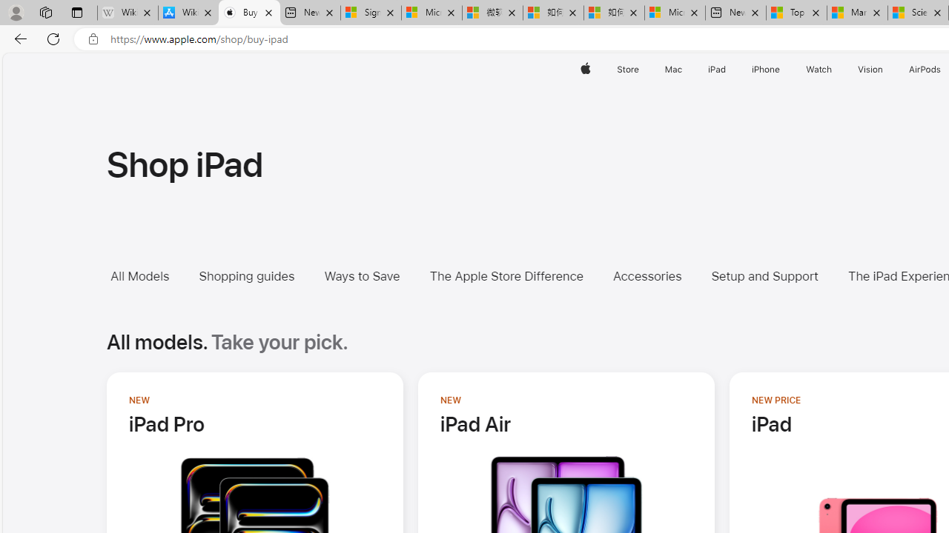 The height and width of the screenshot is (533, 949). What do you see at coordinates (627, 69) in the screenshot?
I see `'Store'` at bounding box center [627, 69].